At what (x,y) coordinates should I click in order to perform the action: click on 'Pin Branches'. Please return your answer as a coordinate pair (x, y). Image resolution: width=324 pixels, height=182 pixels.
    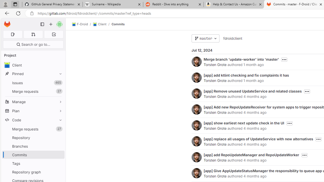
    Looking at the image, I should click on (59, 146).